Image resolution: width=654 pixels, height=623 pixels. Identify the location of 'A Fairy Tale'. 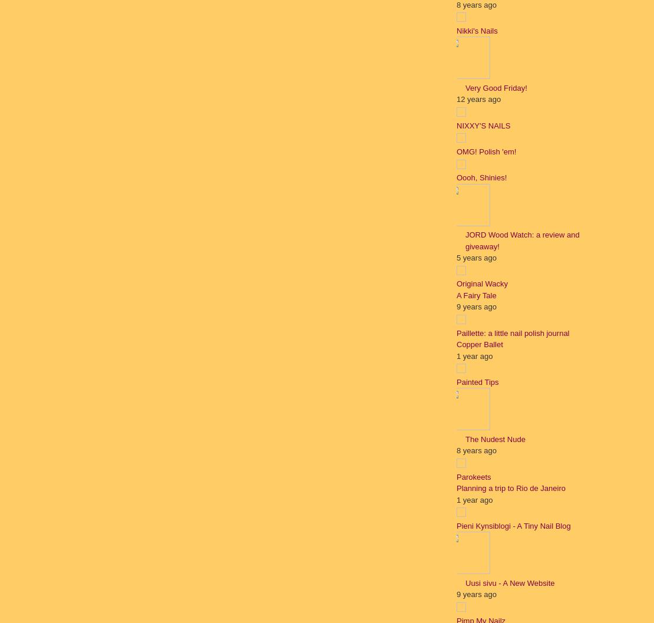
(456, 295).